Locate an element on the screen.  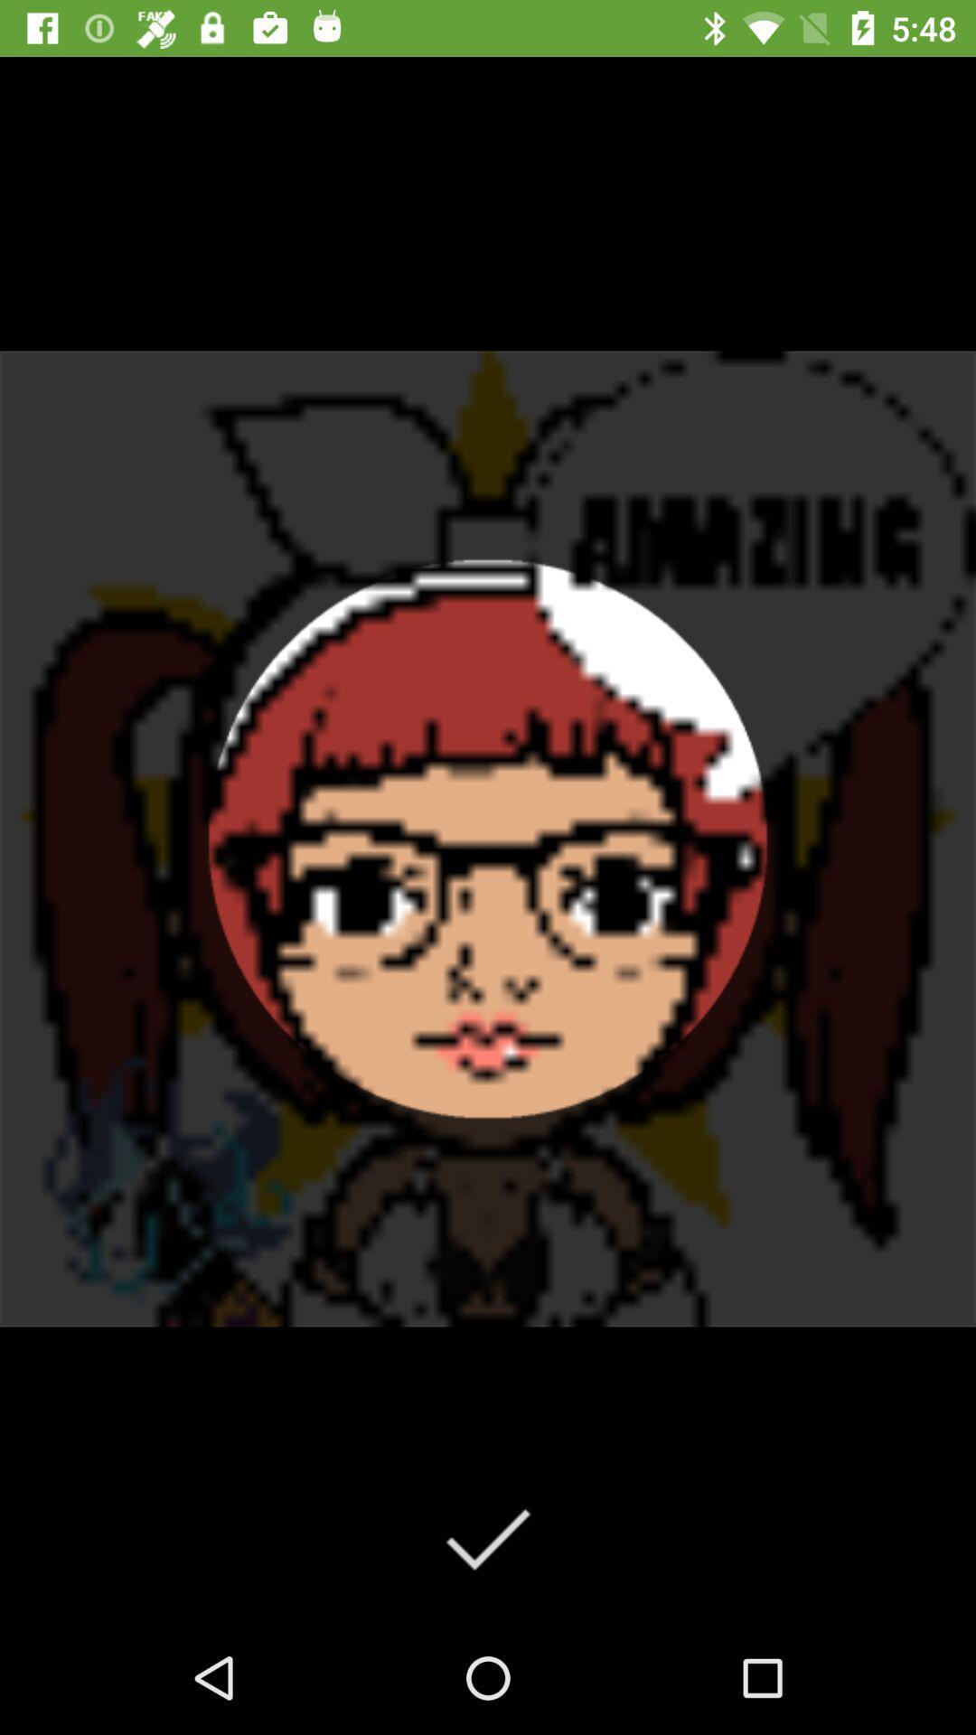
confirm selection is located at coordinates (486, 1537).